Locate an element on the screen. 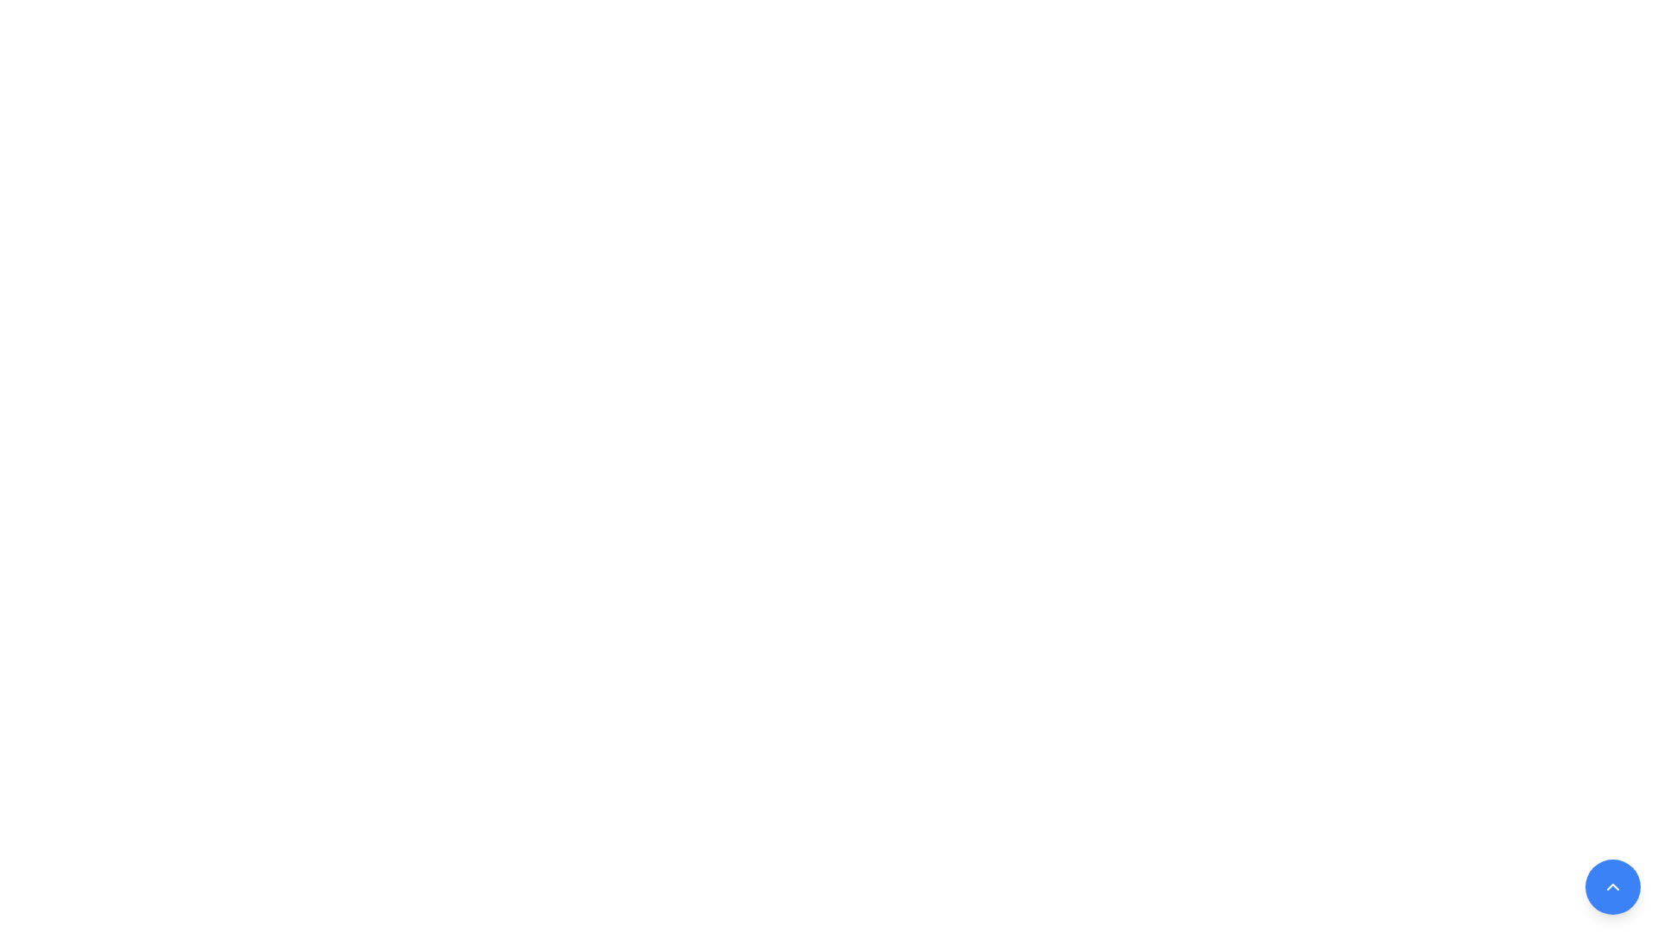 Image resolution: width=1658 pixels, height=932 pixels. the circular blue button with a white upward chevron icon is located at coordinates (1611, 887).